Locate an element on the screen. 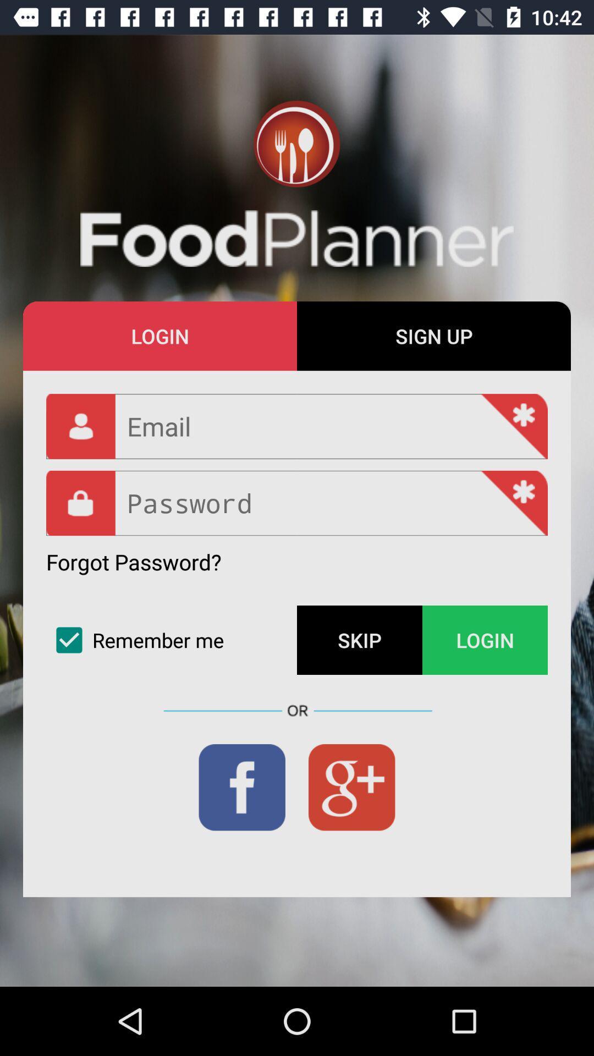  the item below forgot password? icon is located at coordinates (172, 640).